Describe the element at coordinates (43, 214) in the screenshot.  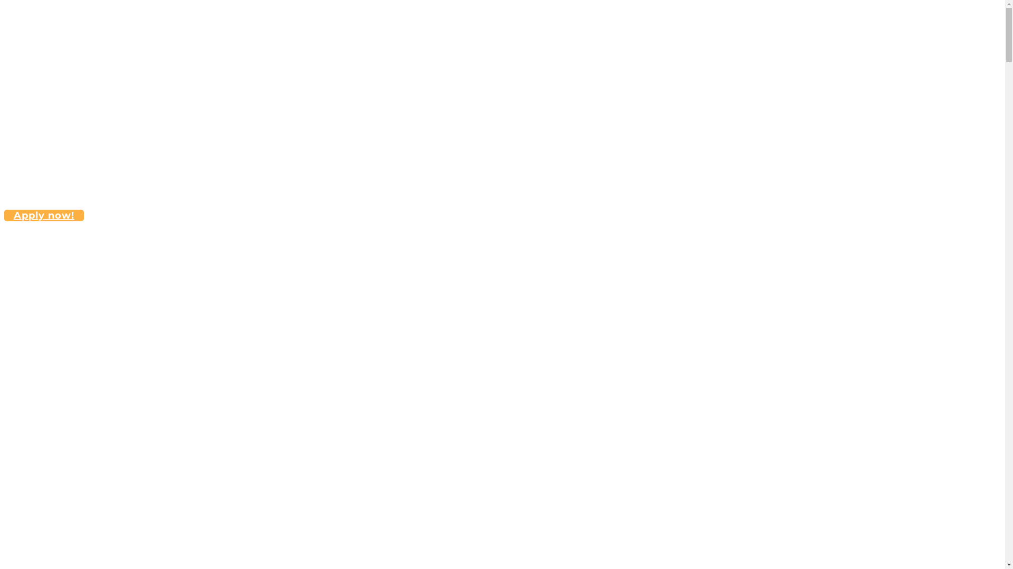
I see `'Apply now!'` at that location.